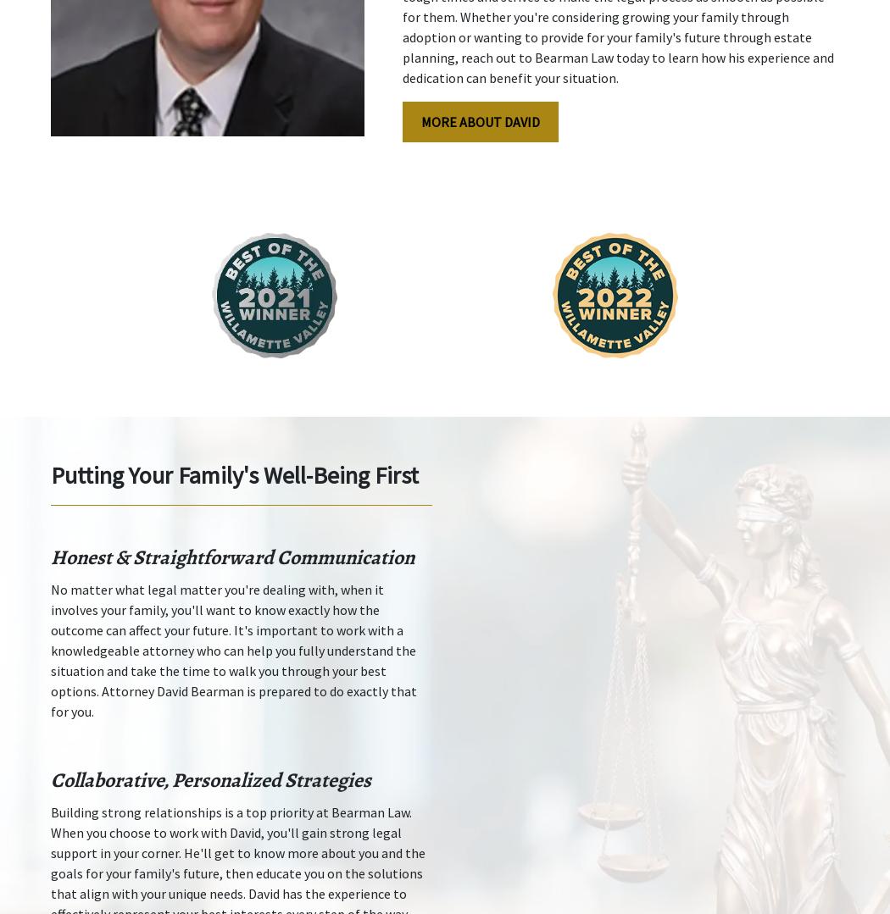 The image size is (890, 914). Describe the element at coordinates (427, 780) in the screenshot. I see `'The information on this website is for general information purposes only. Nothing on this site should be taken as legal advice for any individual case or situation. This information is not intended to create, and receipt or viewing does not constitute, an attorney-client relationship.'` at that location.